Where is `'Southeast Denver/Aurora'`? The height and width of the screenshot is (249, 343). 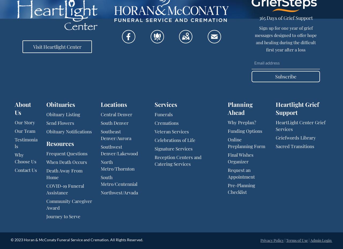
'Southeast Denver/Aurora' is located at coordinates (115, 134).